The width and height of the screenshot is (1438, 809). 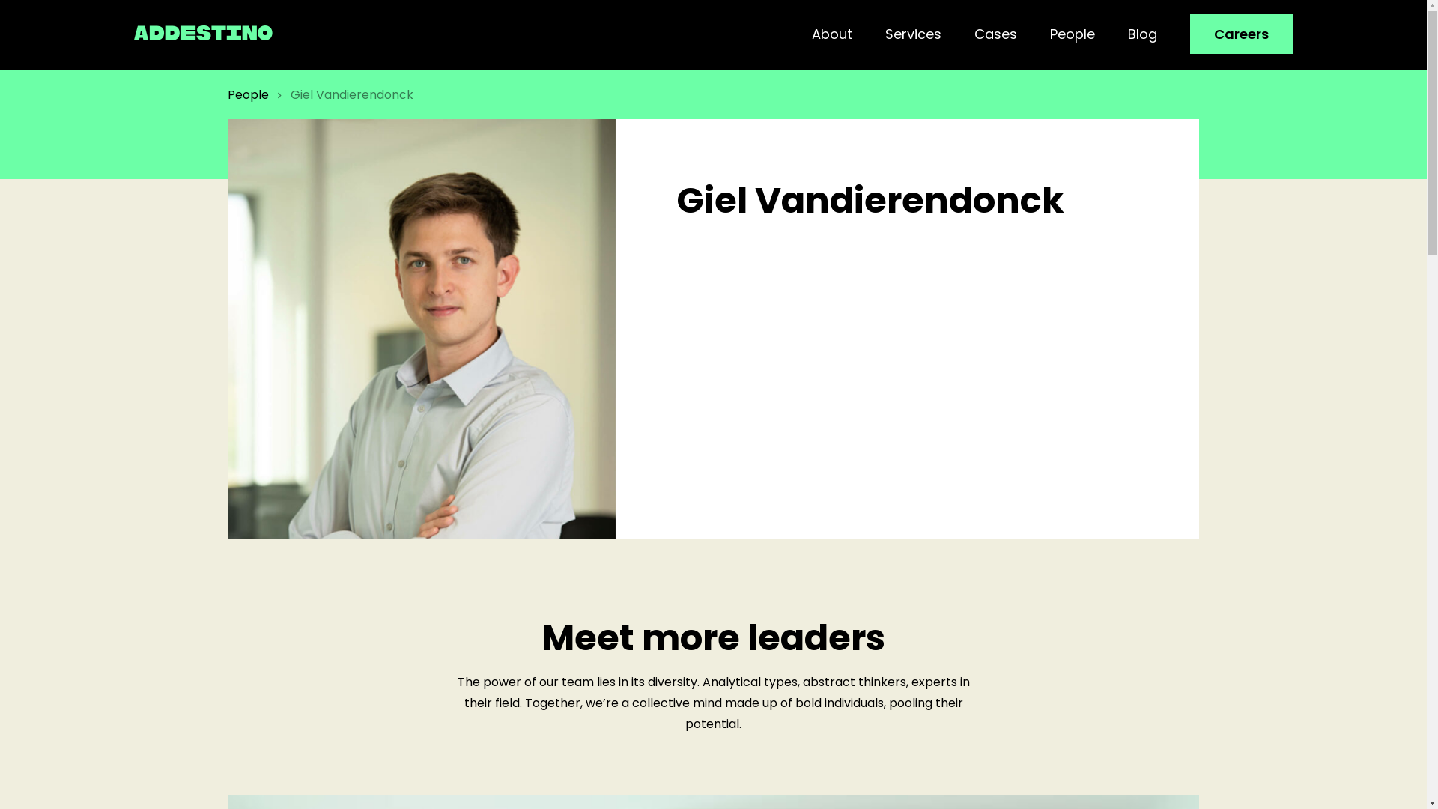 I want to click on 'Careers', so click(x=1241, y=34).